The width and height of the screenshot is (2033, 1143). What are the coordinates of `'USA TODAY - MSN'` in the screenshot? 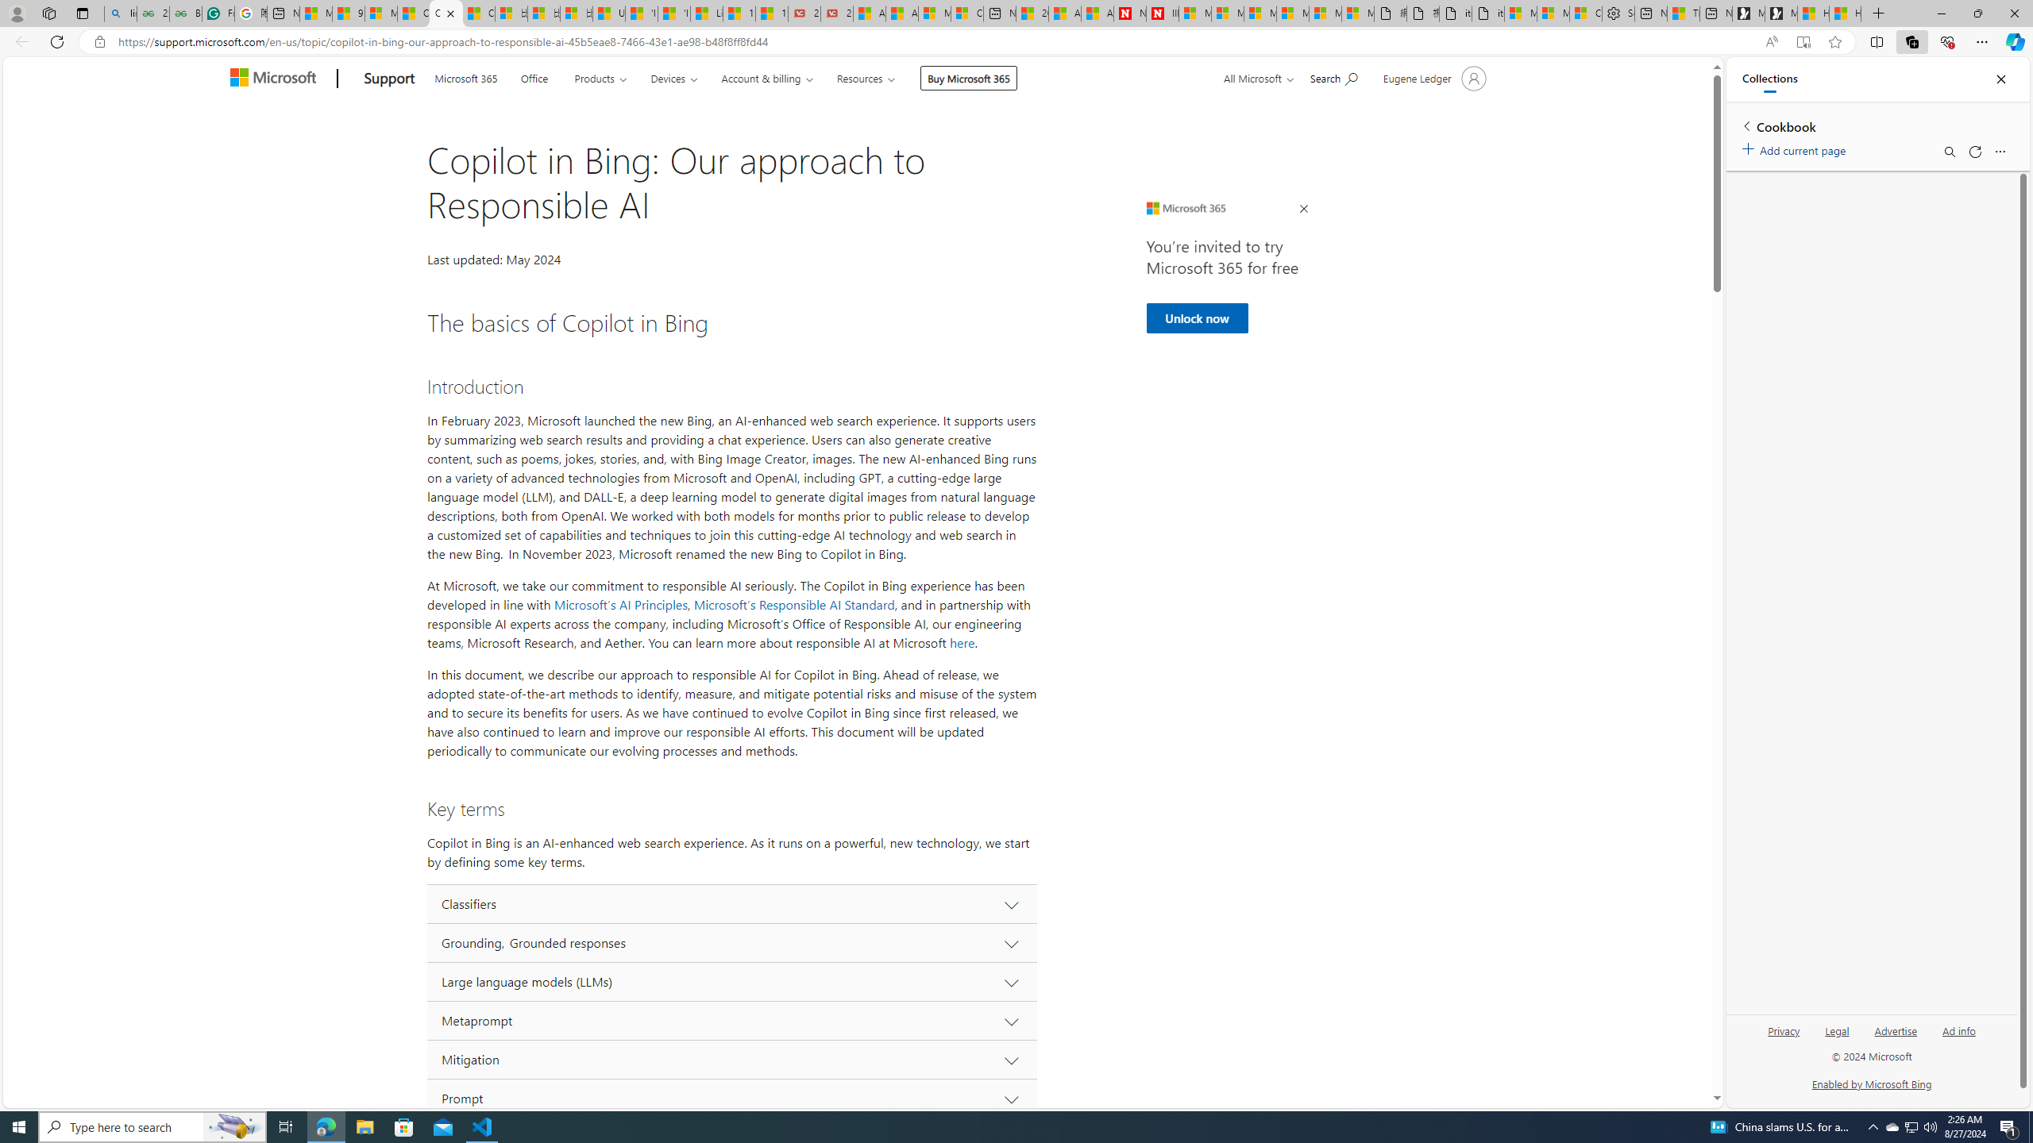 It's located at (608, 13).